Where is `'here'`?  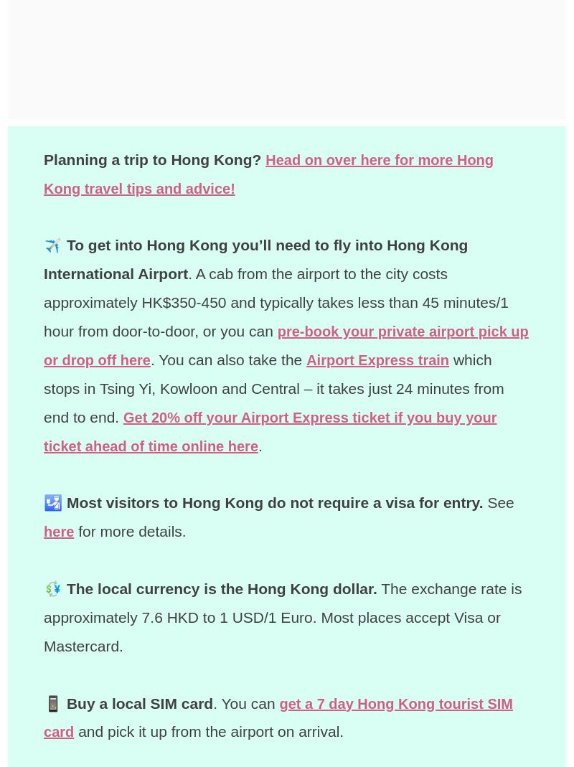
'here' is located at coordinates (60, 530).